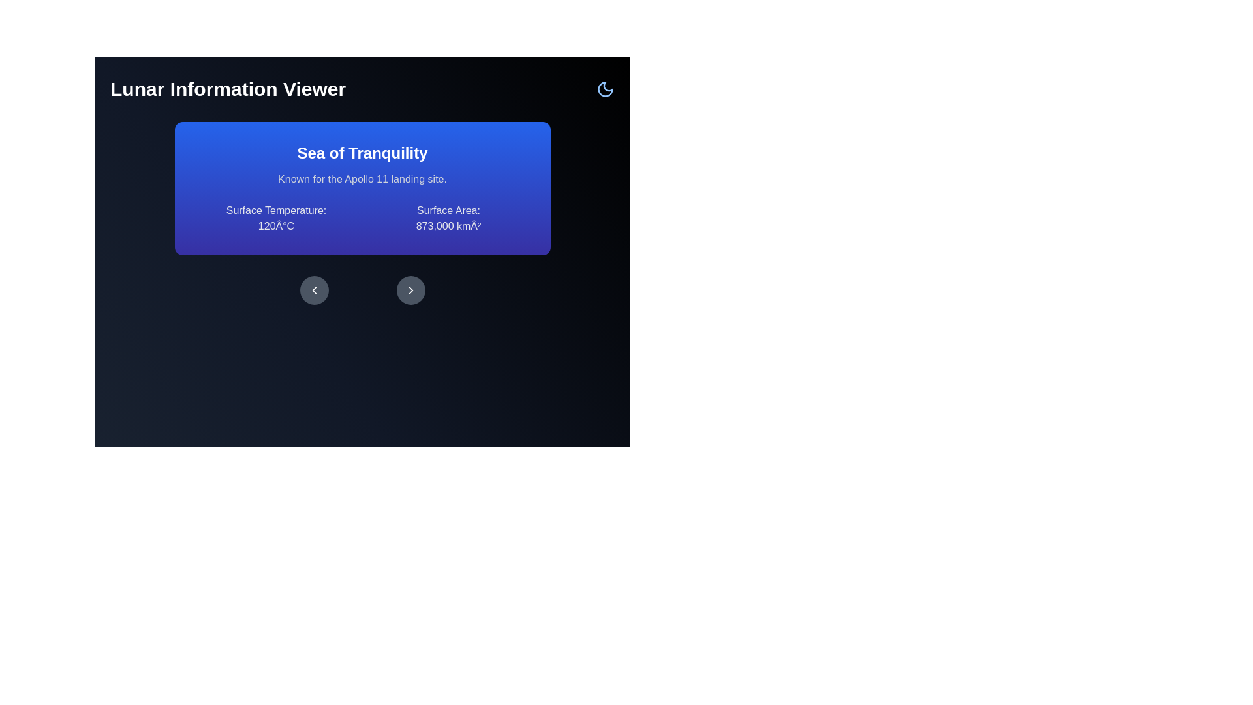  I want to click on the second circular navigation button located beneath the main content area, so click(410, 289).